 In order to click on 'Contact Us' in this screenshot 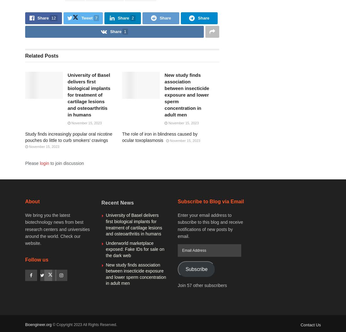, I will do `click(310, 324)`.